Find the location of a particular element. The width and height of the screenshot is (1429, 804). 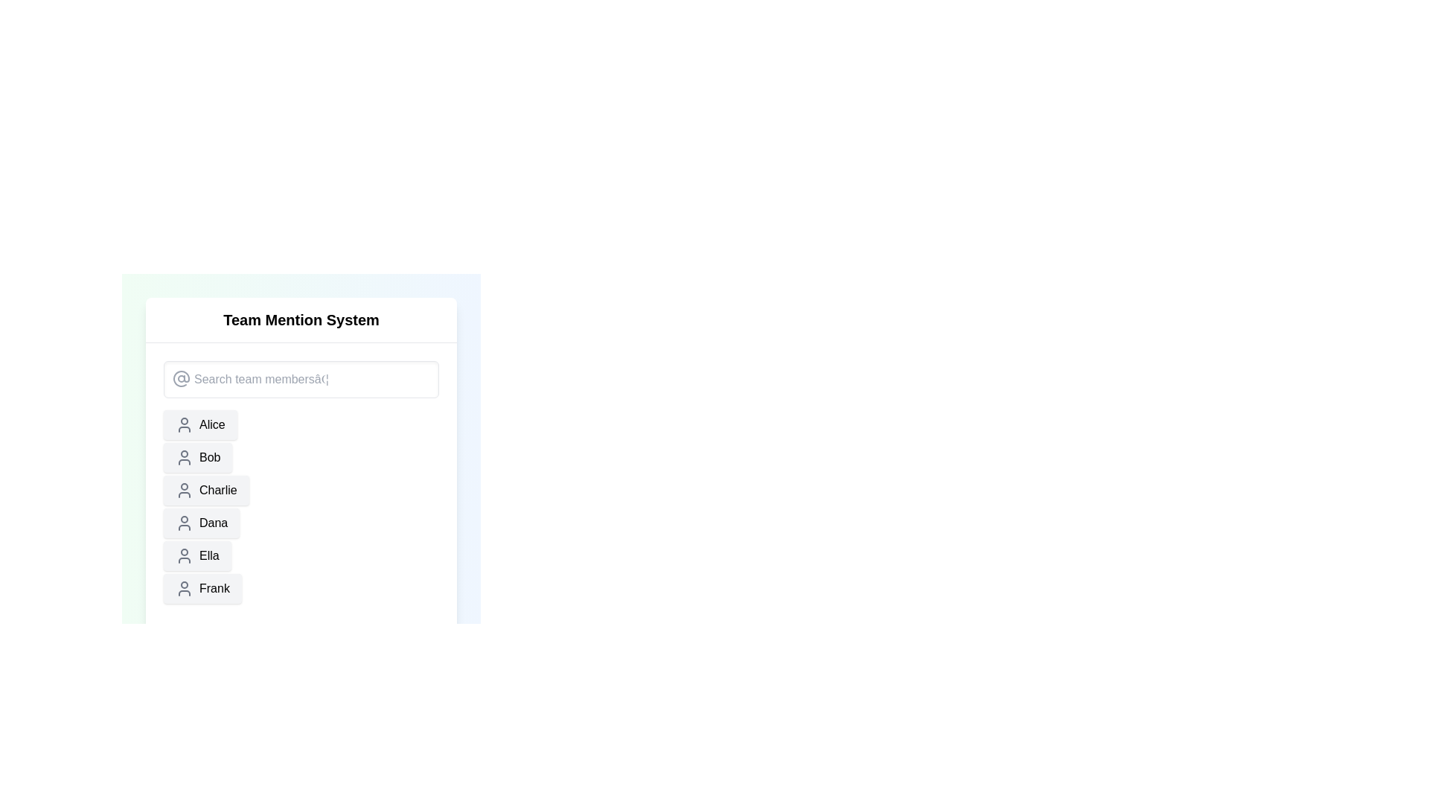

the user profile icon located in the fifth list item of the team mention system interface is located at coordinates (184, 556).